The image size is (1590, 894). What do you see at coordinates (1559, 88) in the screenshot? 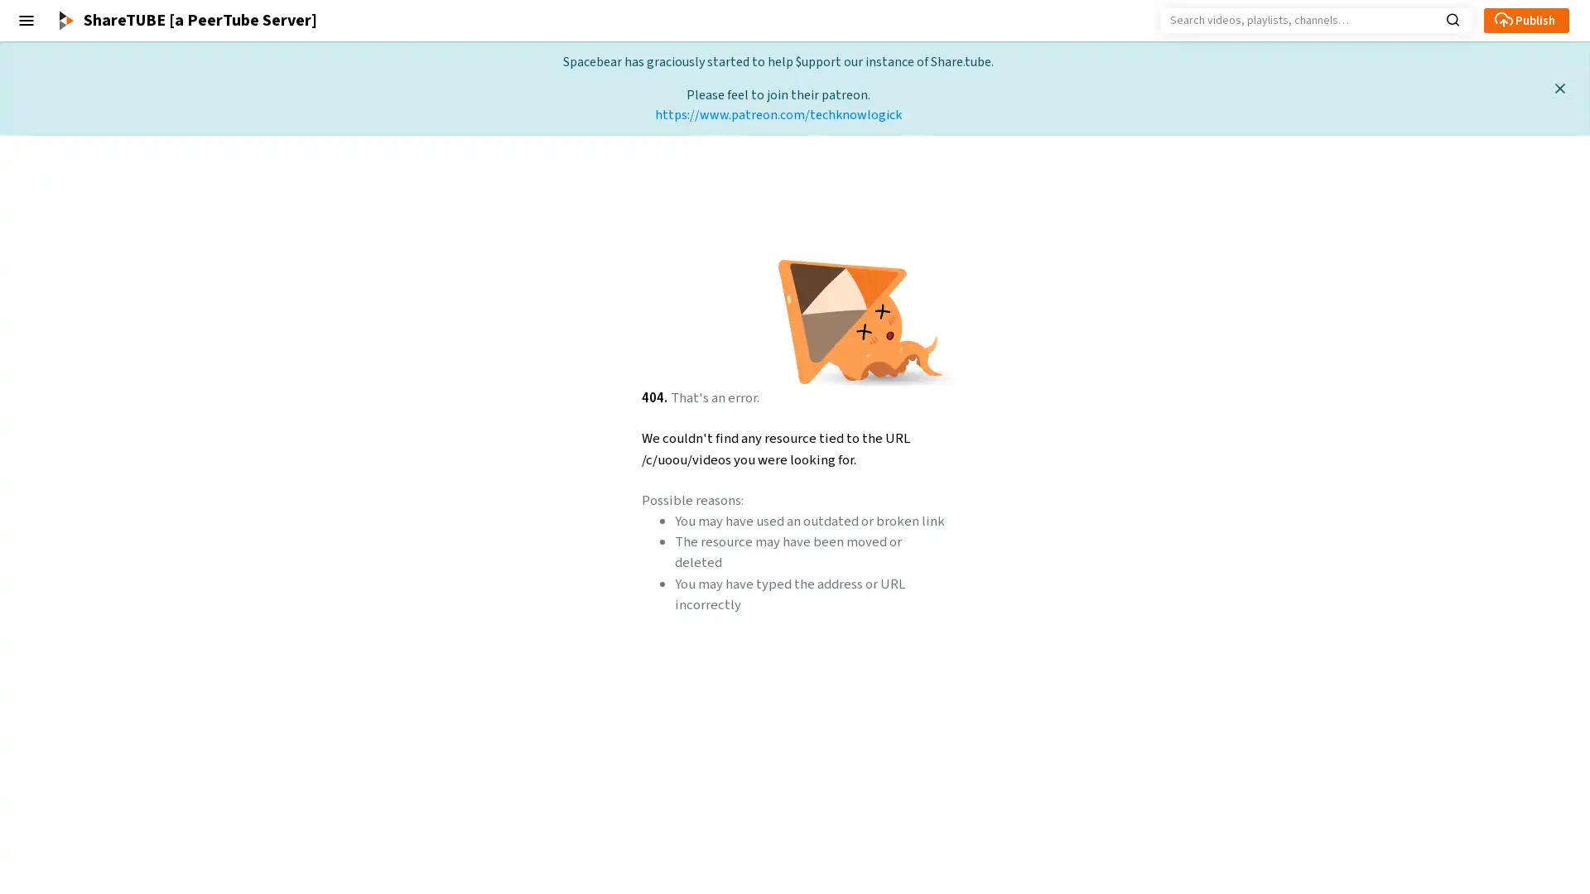
I see `Close this message` at bounding box center [1559, 88].